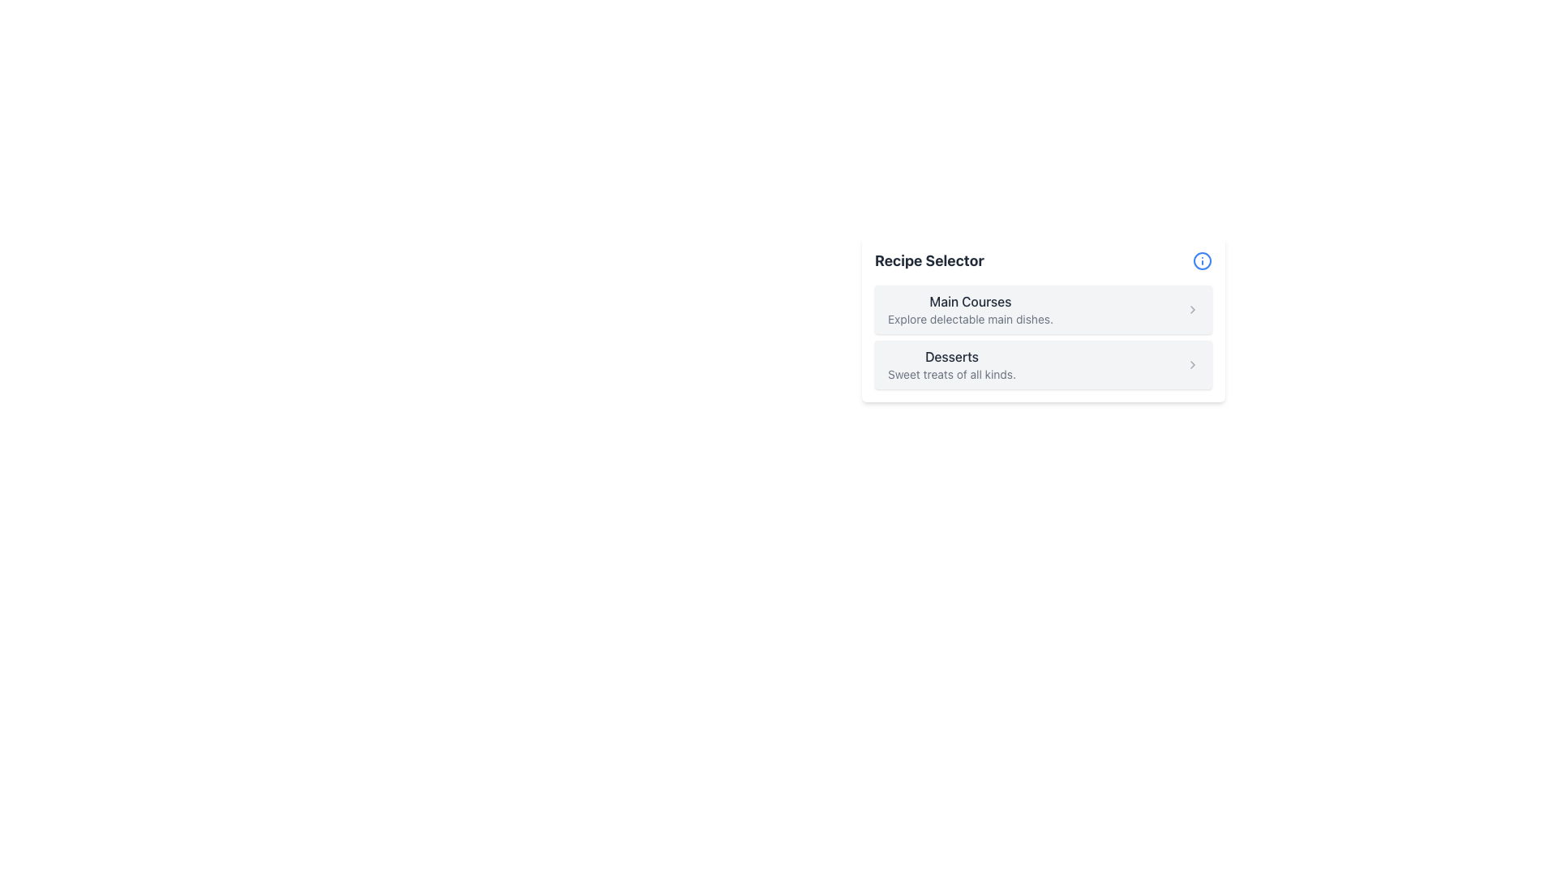 Image resolution: width=1557 pixels, height=876 pixels. Describe the element at coordinates (970, 319) in the screenshot. I see `the 'Subtitle' text located below the 'Main Courses' heading in the 'Recipe Selector' section` at that location.